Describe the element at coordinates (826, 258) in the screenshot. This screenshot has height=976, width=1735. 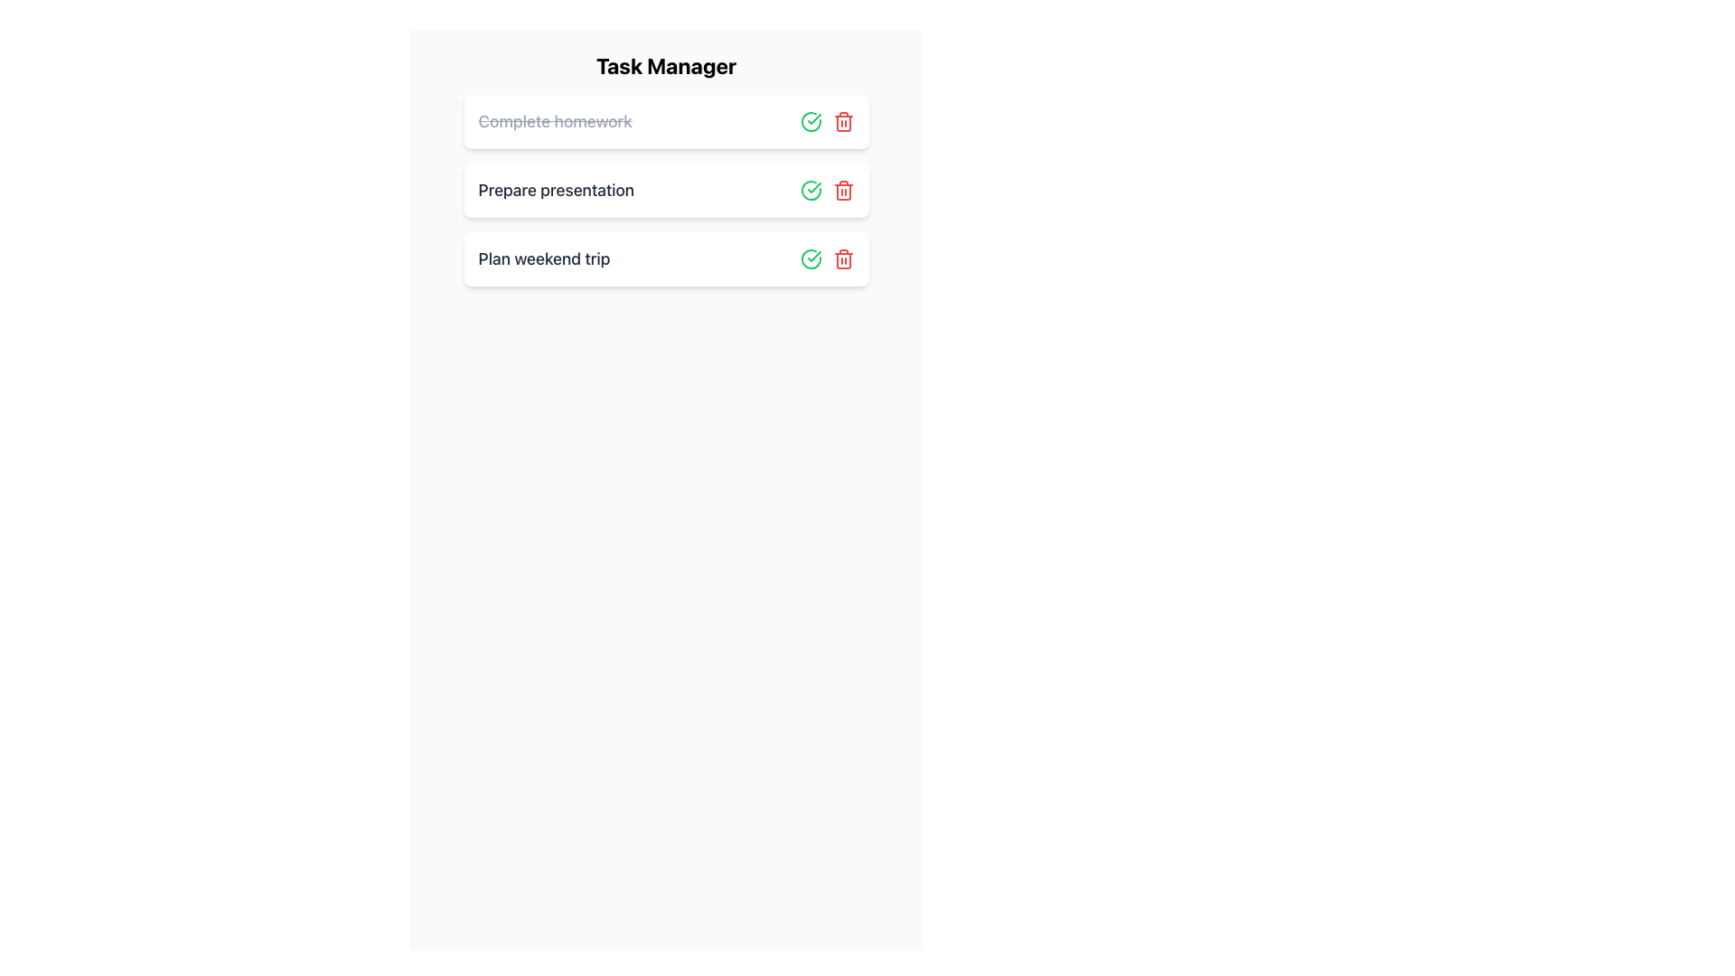
I see `the Grouped Interactive Icons within the 'Plan weekend trip' task card` at that location.